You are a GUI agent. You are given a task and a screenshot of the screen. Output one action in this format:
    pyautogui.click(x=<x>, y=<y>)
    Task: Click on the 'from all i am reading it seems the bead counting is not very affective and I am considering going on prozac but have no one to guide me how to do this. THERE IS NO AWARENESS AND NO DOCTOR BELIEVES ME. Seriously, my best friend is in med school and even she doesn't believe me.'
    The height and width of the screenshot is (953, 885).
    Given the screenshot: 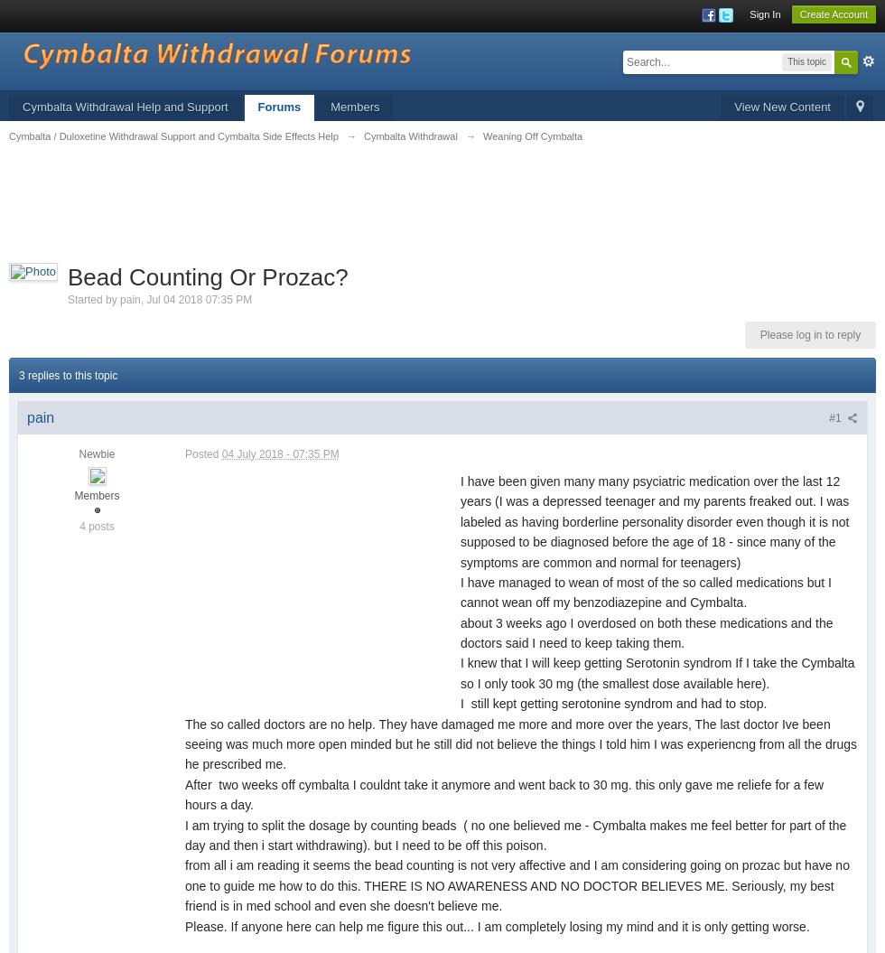 What is the action you would take?
    pyautogui.click(x=517, y=885)
    